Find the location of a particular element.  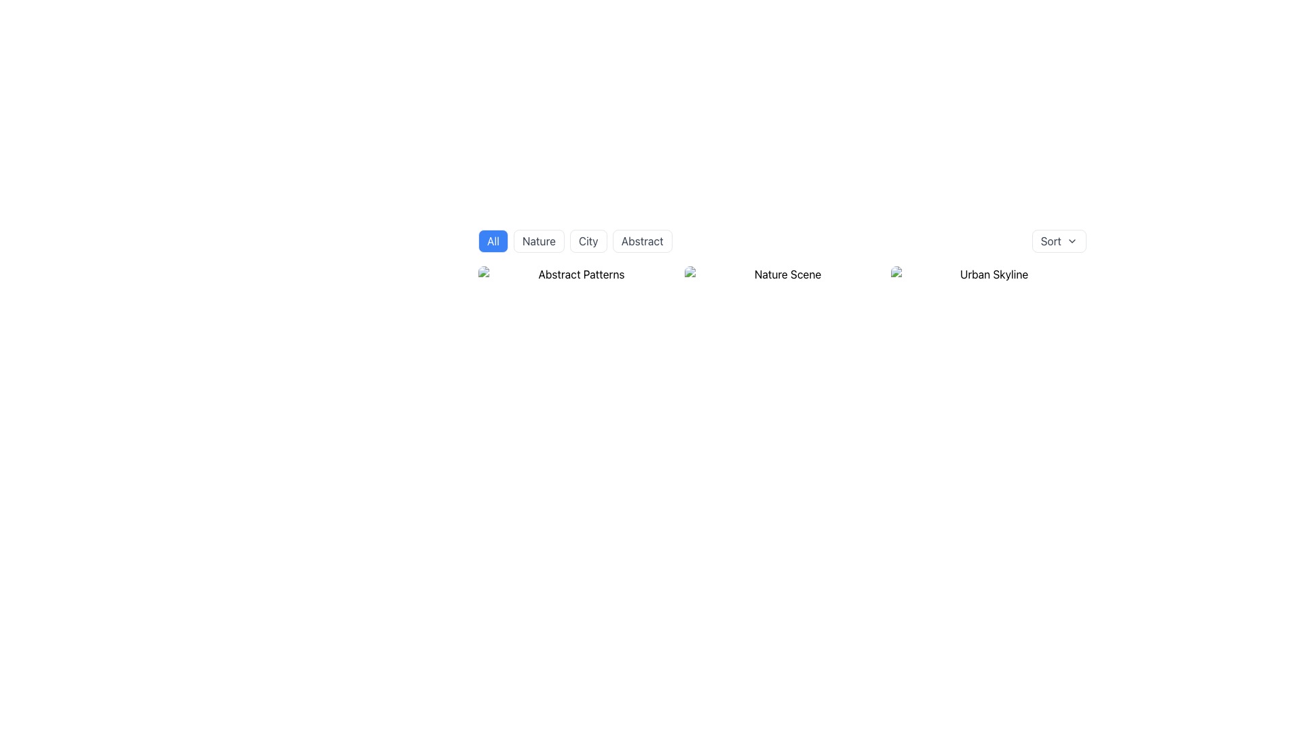

the 'City' button, which is the third button from the left in a group of four is located at coordinates (588, 240).